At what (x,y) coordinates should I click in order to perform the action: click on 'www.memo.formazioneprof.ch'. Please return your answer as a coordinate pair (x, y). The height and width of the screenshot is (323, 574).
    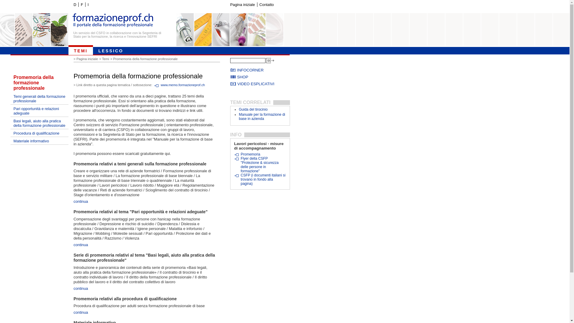
    Looking at the image, I should click on (179, 85).